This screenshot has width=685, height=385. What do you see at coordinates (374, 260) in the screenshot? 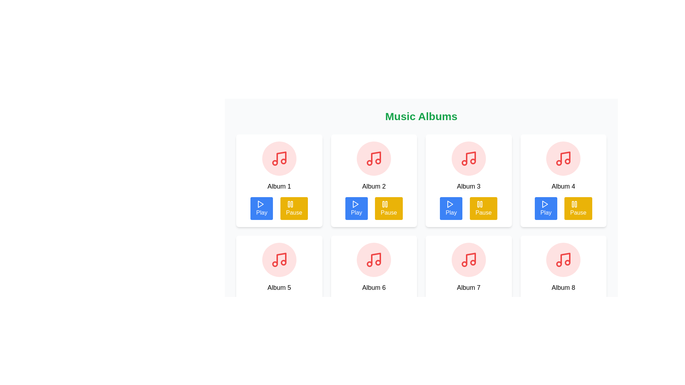
I see `the red music note icon located in the second column of the lower row, which represents music content and is associated with the label 'Album 6'` at bounding box center [374, 260].